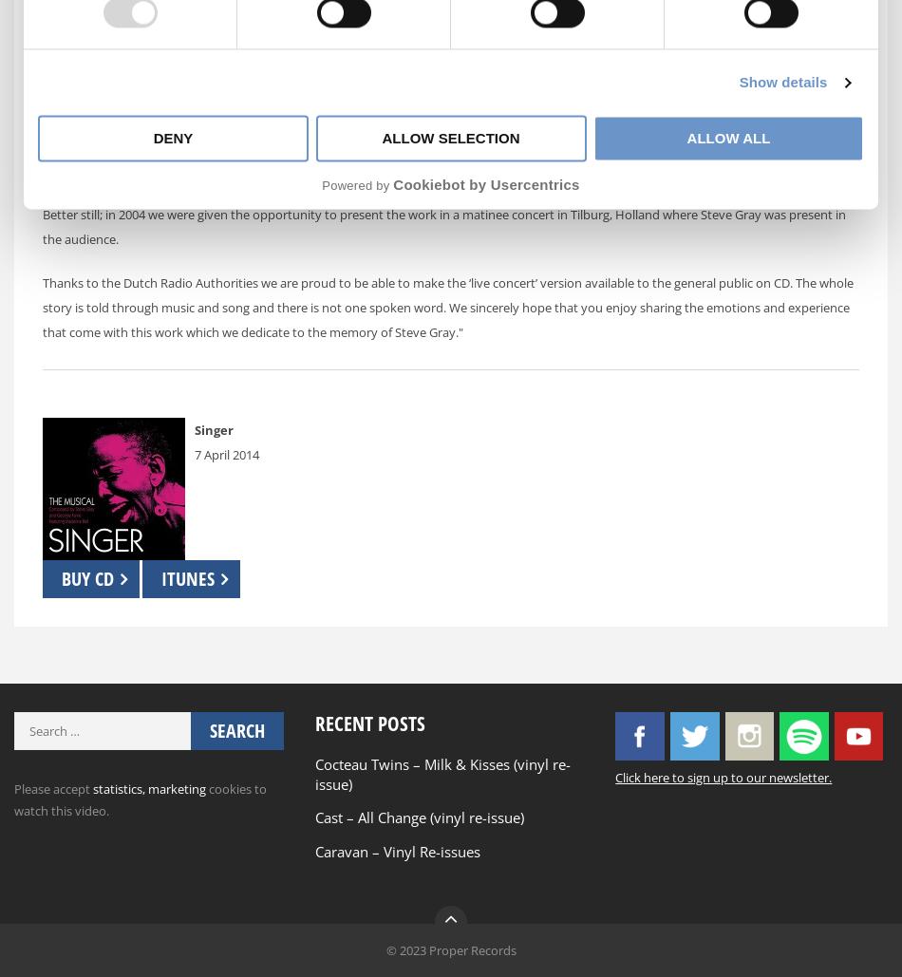 Image resolution: width=902 pixels, height=977 pixels. Describe the element at coordinates (214, 429) in the screenshot. I see `'Singer'` at that location.